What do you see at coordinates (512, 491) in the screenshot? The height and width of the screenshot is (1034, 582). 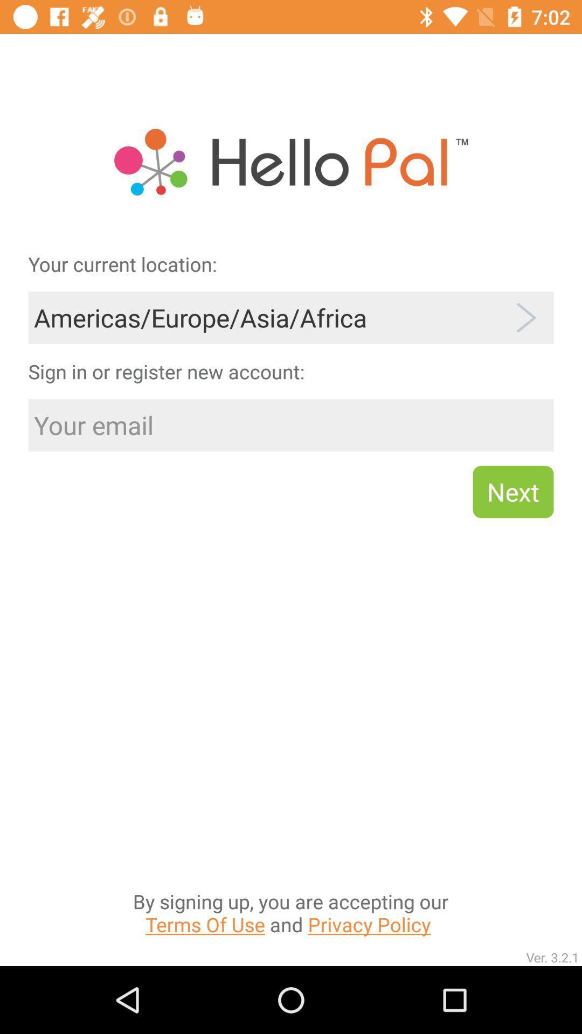 I see `the item on the right` at bounding box center [512, 491].